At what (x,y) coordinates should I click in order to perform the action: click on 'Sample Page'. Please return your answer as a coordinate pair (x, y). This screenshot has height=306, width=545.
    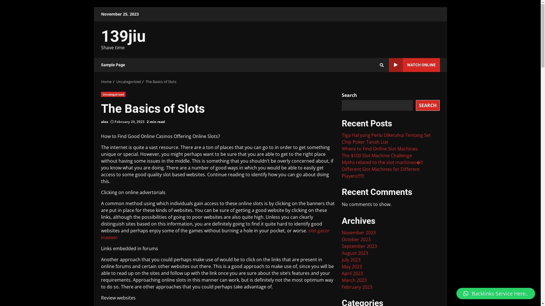
    Looking at the image, I should click on (113, 65).